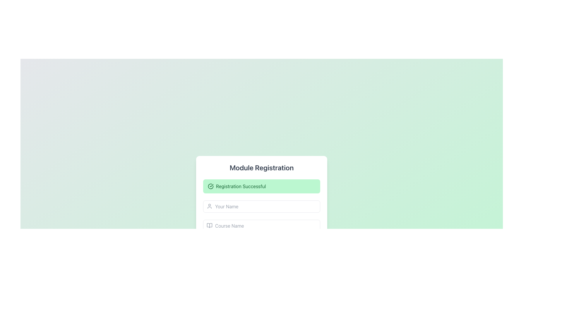  What do you see at coordinates (261, 186) in the screenshot?
I see `success message from the Notification banner located near the top section of the form-like structure below the title 'Module Registration'` at bounding box center [261, 186].